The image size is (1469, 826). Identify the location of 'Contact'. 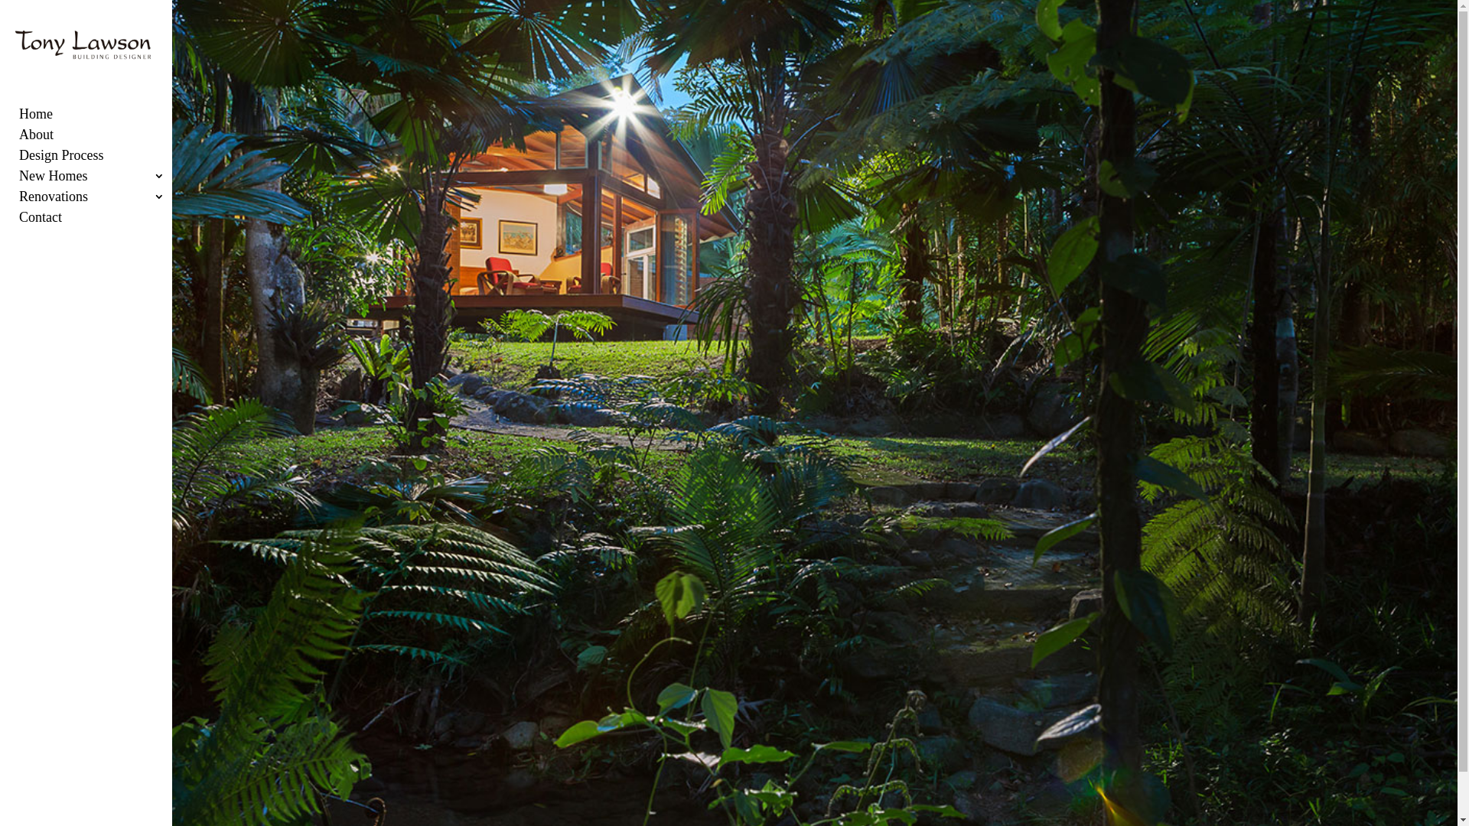
(102, 222).